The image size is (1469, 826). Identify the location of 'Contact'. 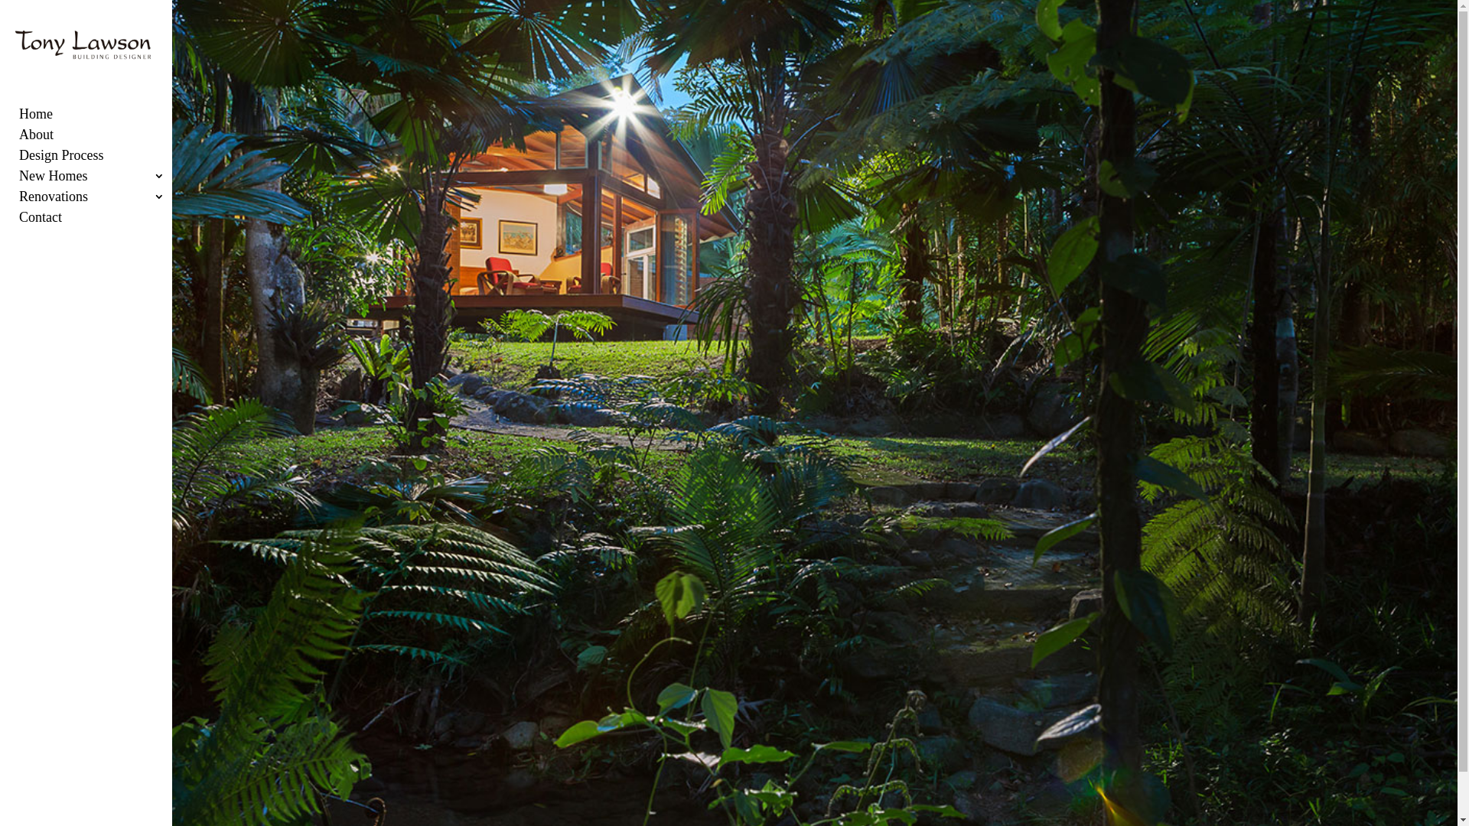
(102, 222).